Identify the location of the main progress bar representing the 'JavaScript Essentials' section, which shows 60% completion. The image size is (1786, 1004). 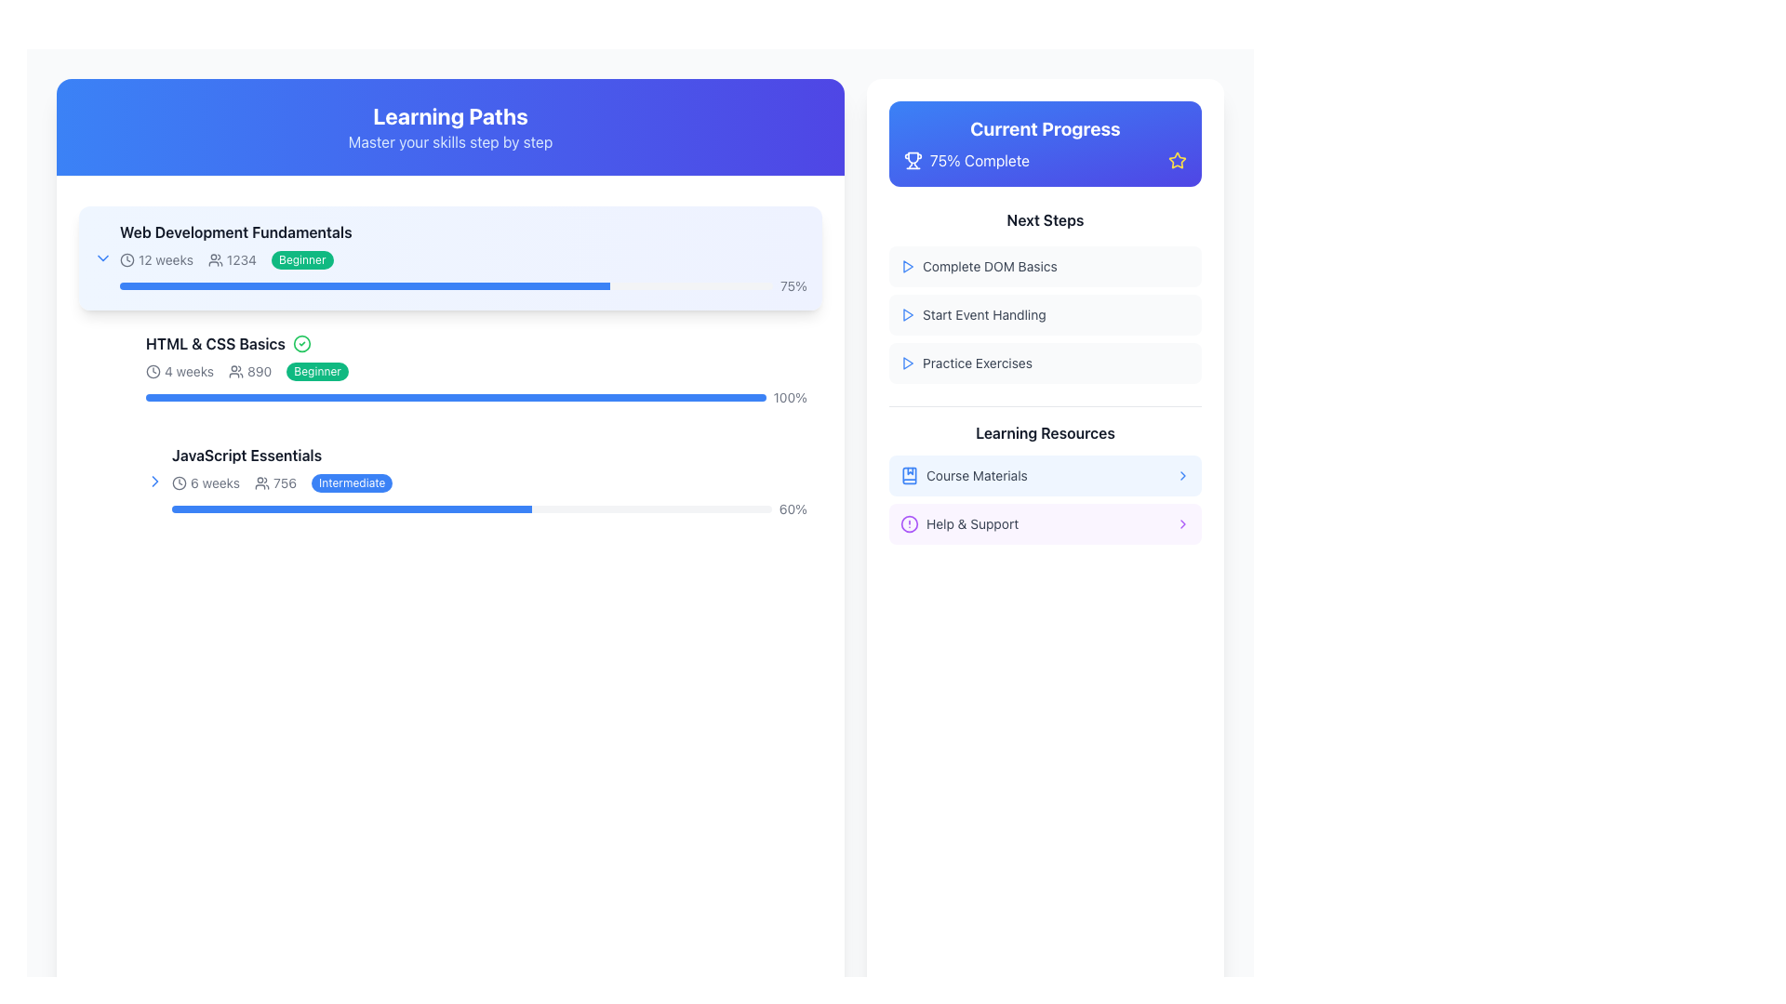
(472, 509).